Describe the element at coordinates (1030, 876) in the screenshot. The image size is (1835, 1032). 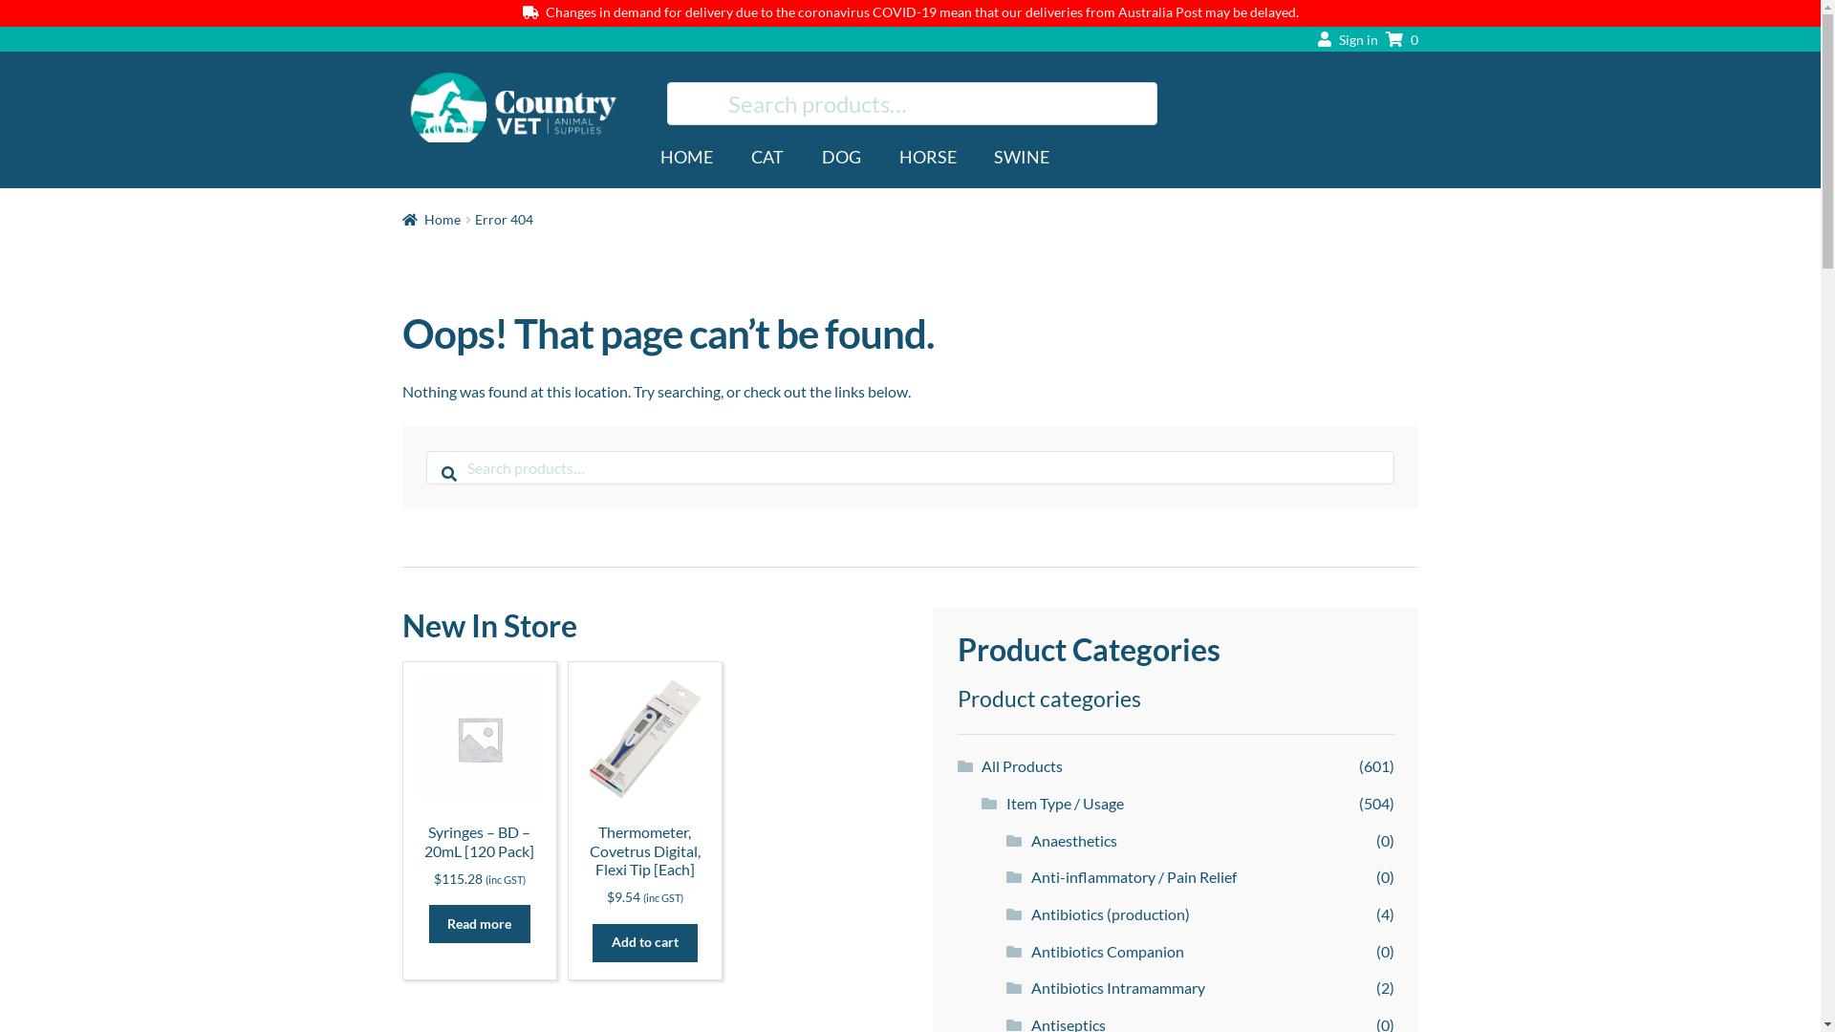
I see `'Anti-inflammatory / Pain Relief'` at that location.